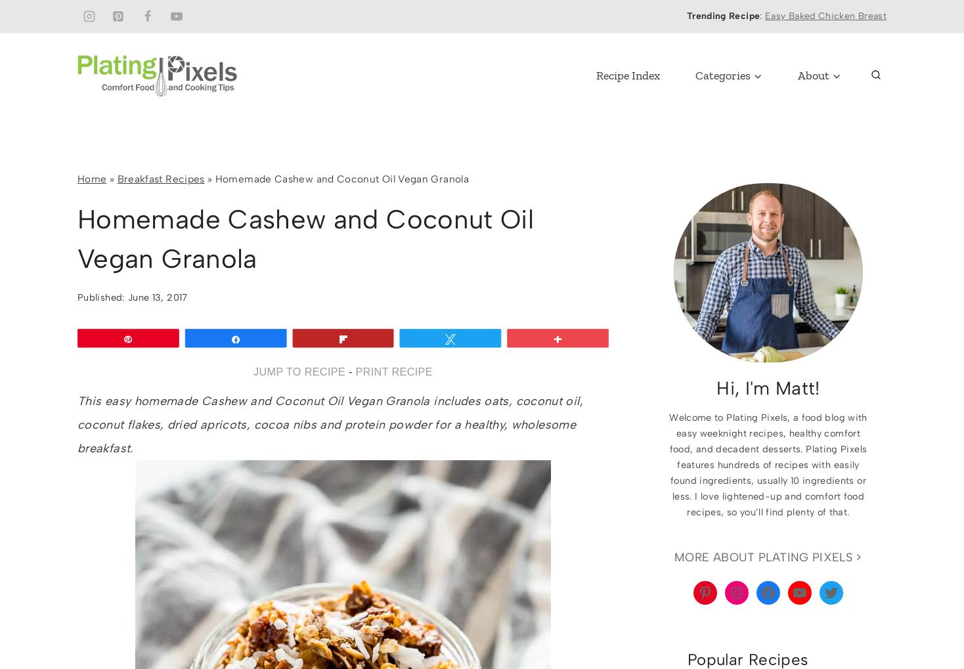  Describe the element at coordinates (723, 15) in the screenshot. I see `'Trending Recipe'` at that location.